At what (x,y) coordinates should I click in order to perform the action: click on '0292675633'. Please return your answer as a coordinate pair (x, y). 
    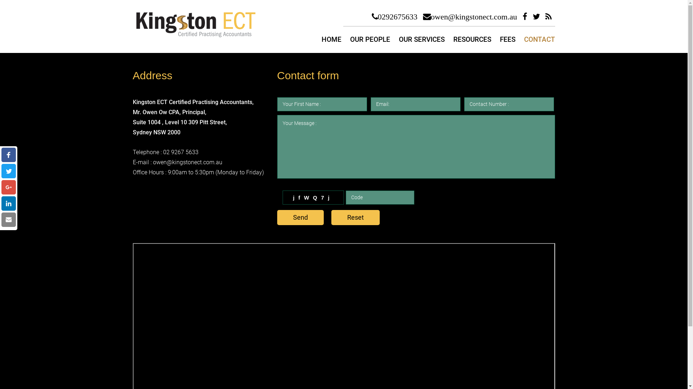
    Looking at the image, I should click on (394, 16).